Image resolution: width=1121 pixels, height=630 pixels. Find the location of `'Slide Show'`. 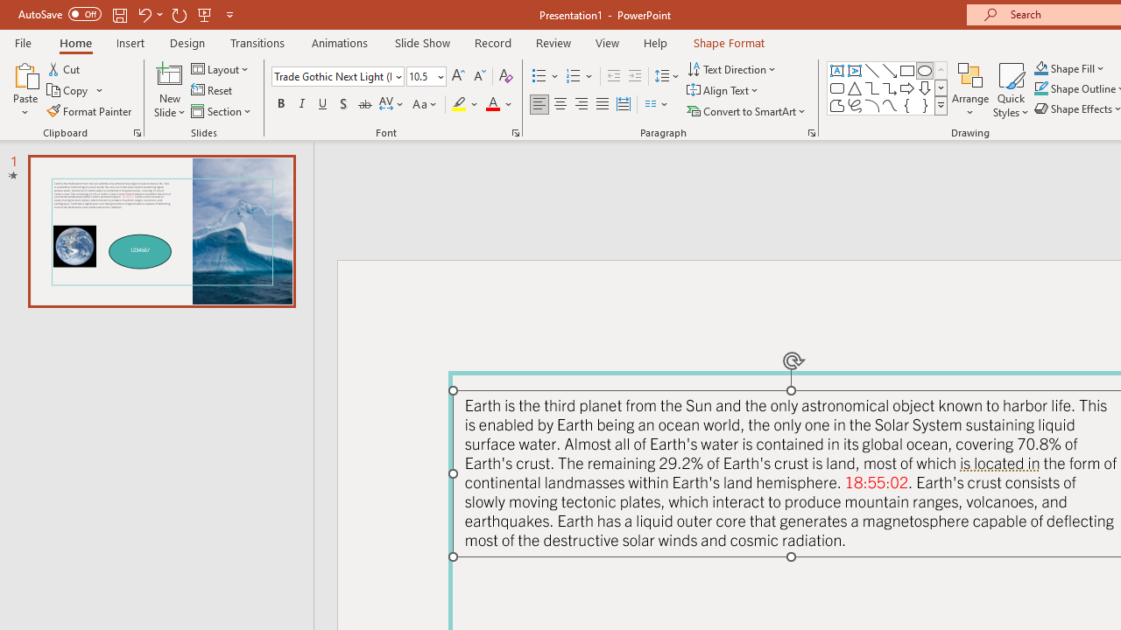

'Slide Show' is located at coordinates (421, 42).